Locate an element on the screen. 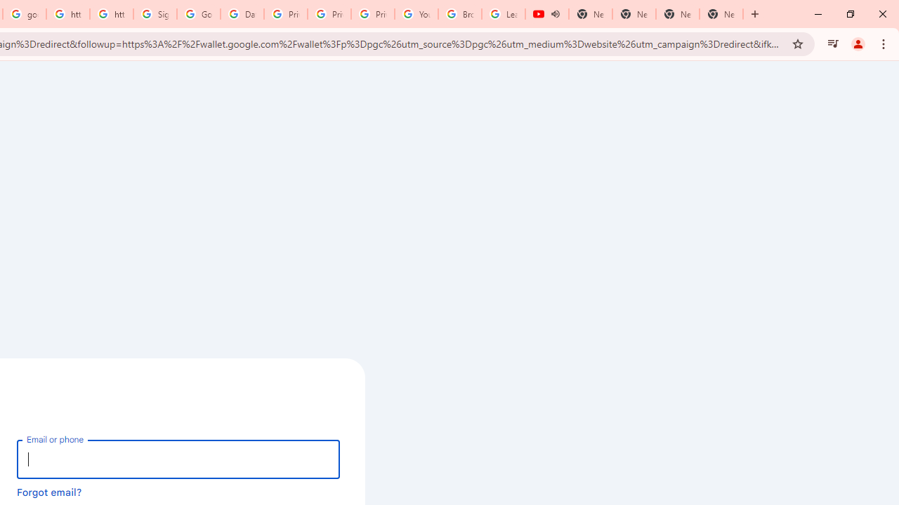  'Email or phone' is located at coordinates (178, 459).